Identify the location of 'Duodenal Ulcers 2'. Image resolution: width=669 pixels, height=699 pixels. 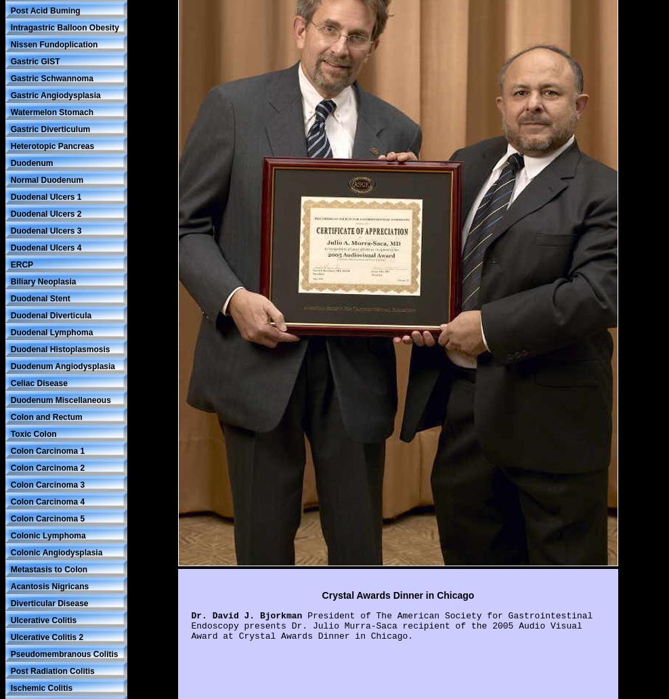
(45, 213).